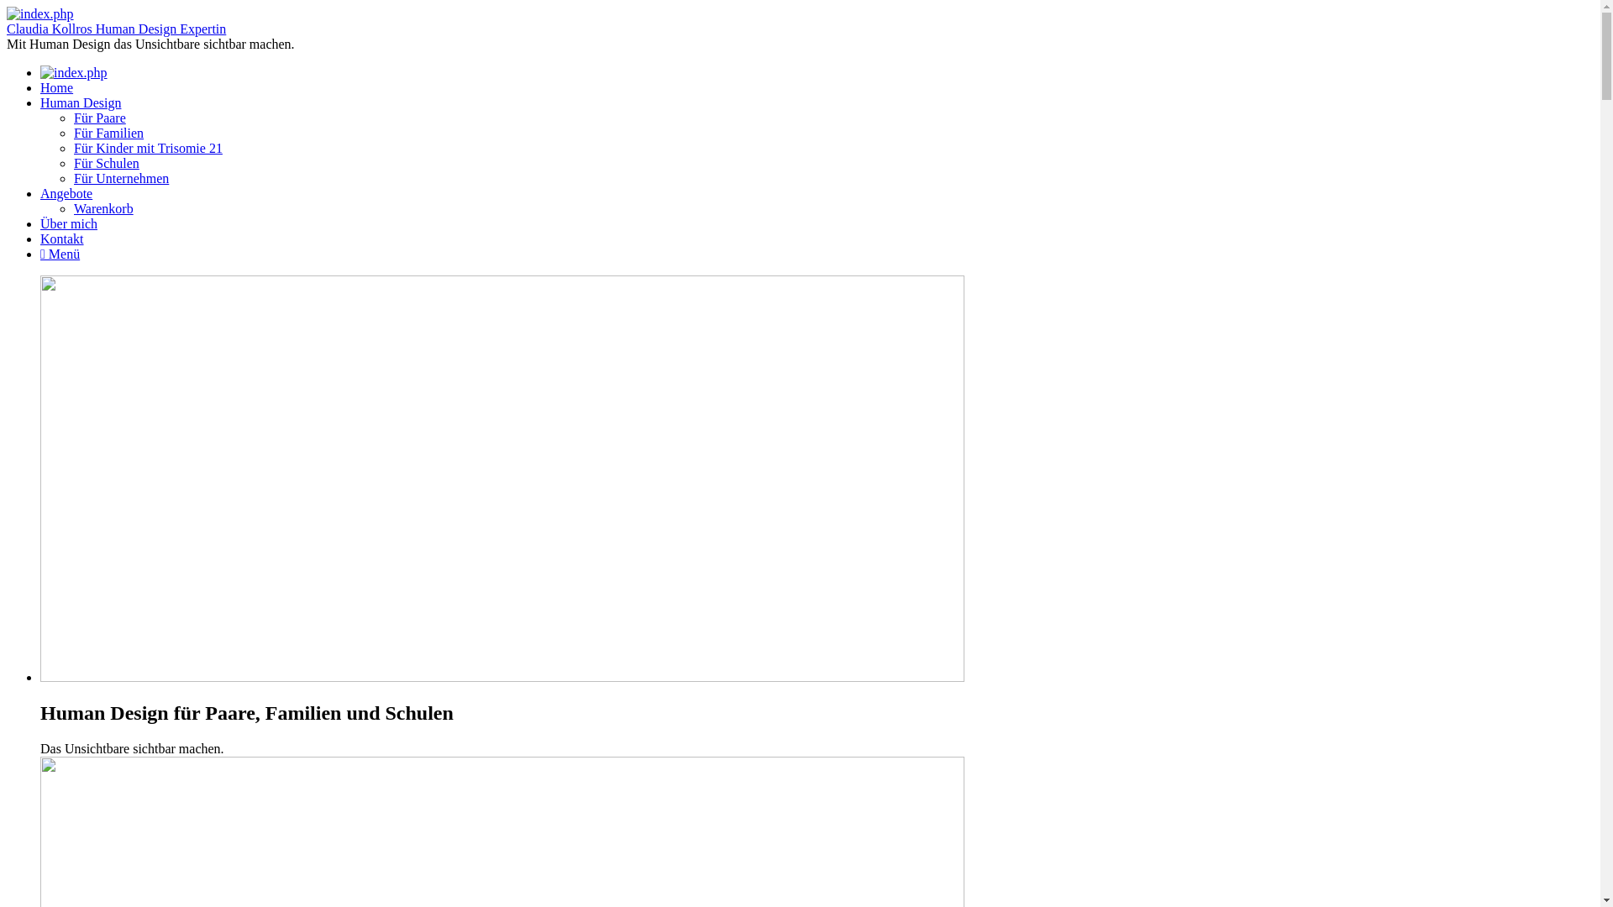 Image resolution: width=1613 pixels, height=907 pixels. I want to click on 'Human Design', so click(80, 102).